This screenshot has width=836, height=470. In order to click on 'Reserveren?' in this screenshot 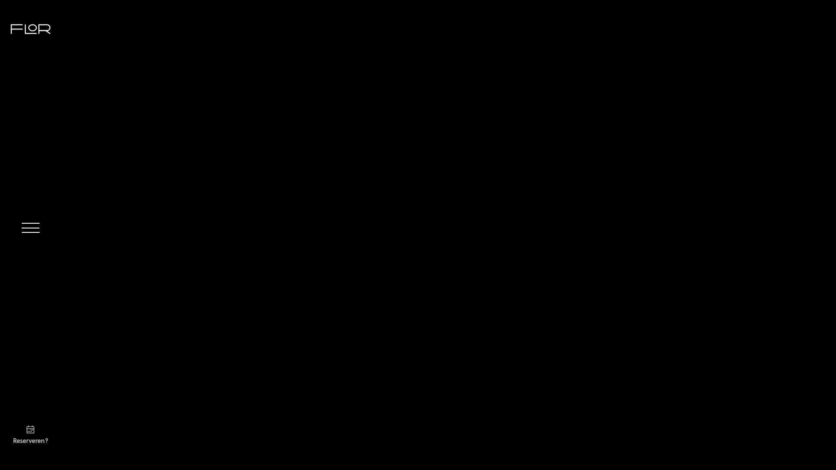, I will do `click(13, 433)`.